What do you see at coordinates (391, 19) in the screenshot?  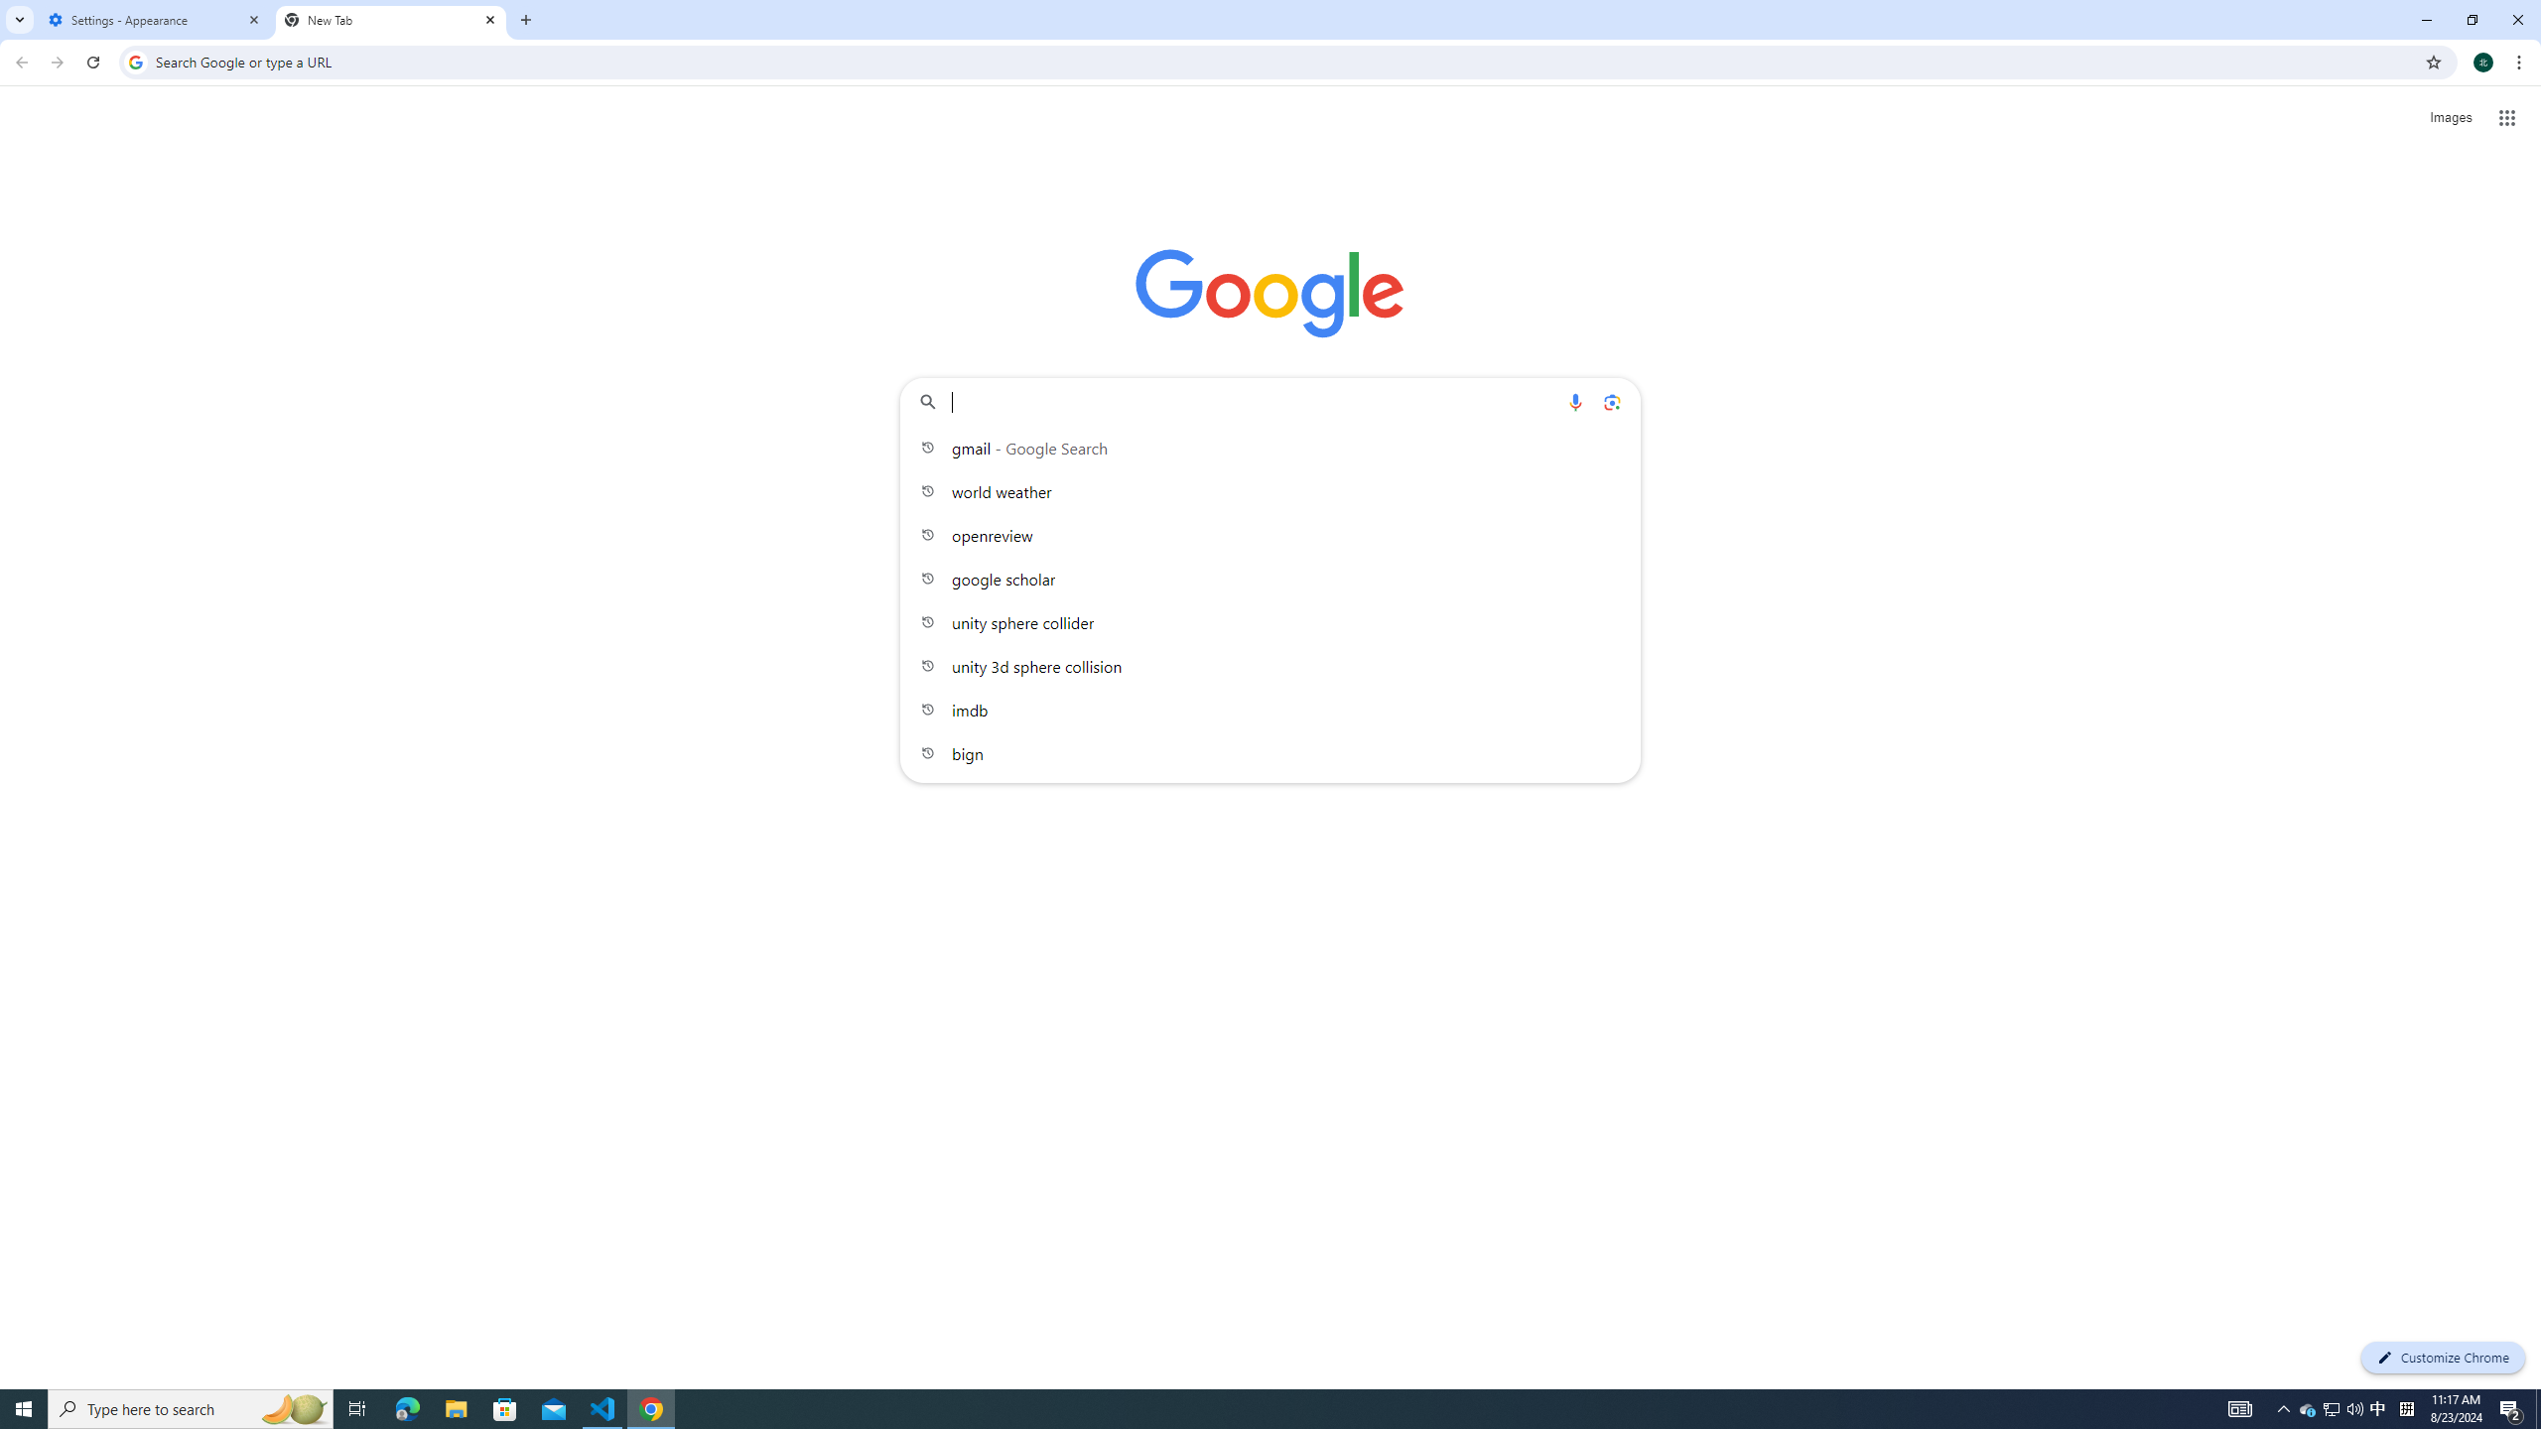 I see `'New Tab'` at bounding box center [391, 19].